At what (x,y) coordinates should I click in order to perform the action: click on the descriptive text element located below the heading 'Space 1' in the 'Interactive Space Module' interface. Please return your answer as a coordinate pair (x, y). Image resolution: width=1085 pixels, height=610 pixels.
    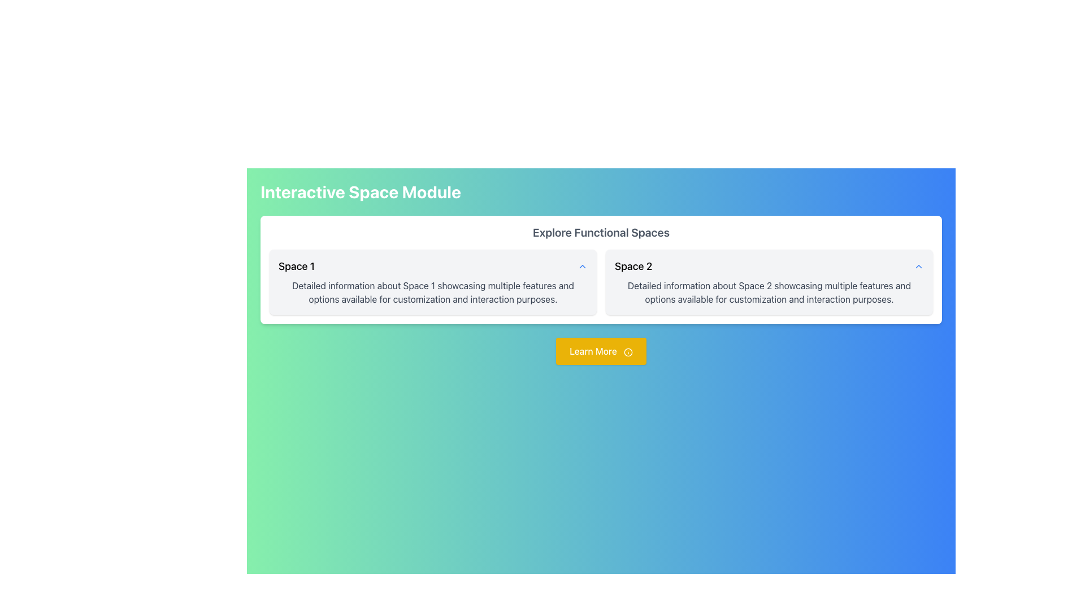
    Looking at the image, I should click on (432, 291).